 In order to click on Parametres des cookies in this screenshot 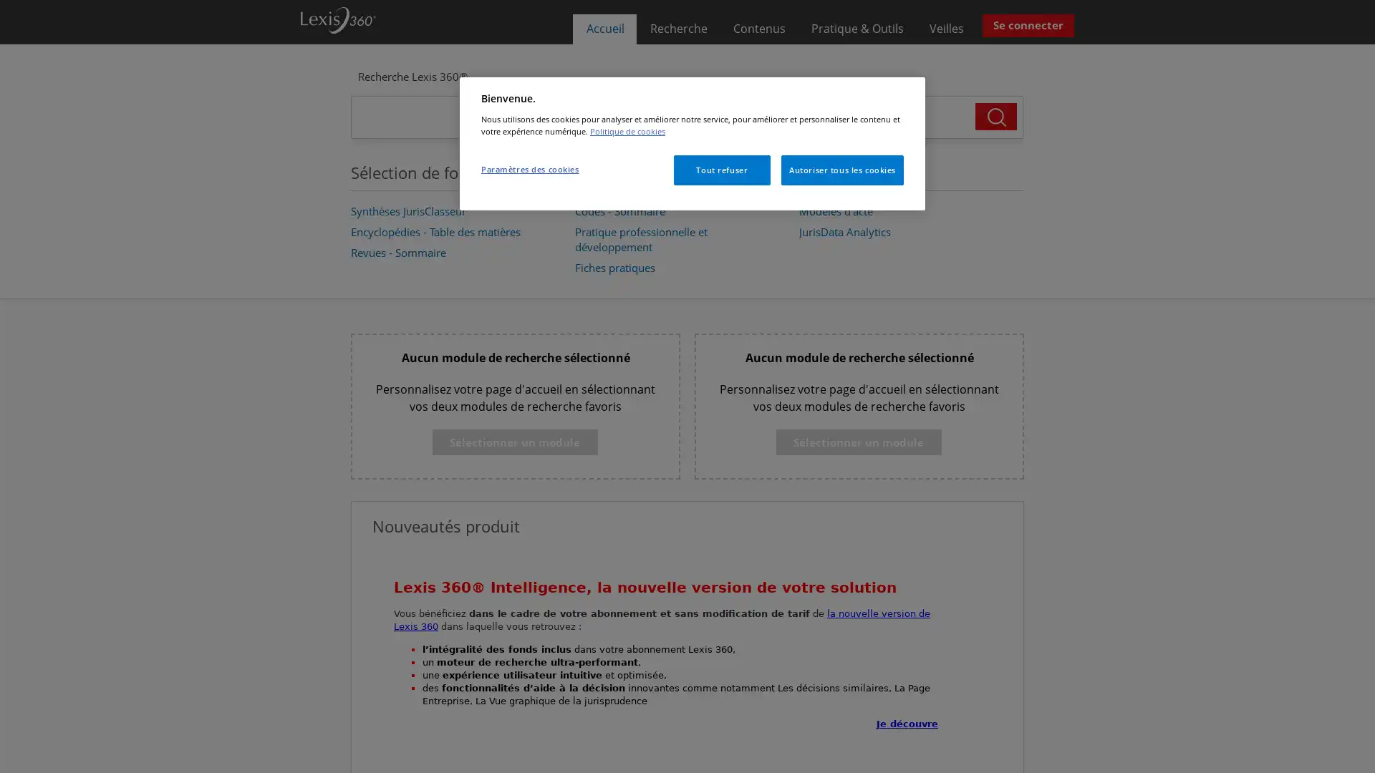, I will do `click(529, 167)`.